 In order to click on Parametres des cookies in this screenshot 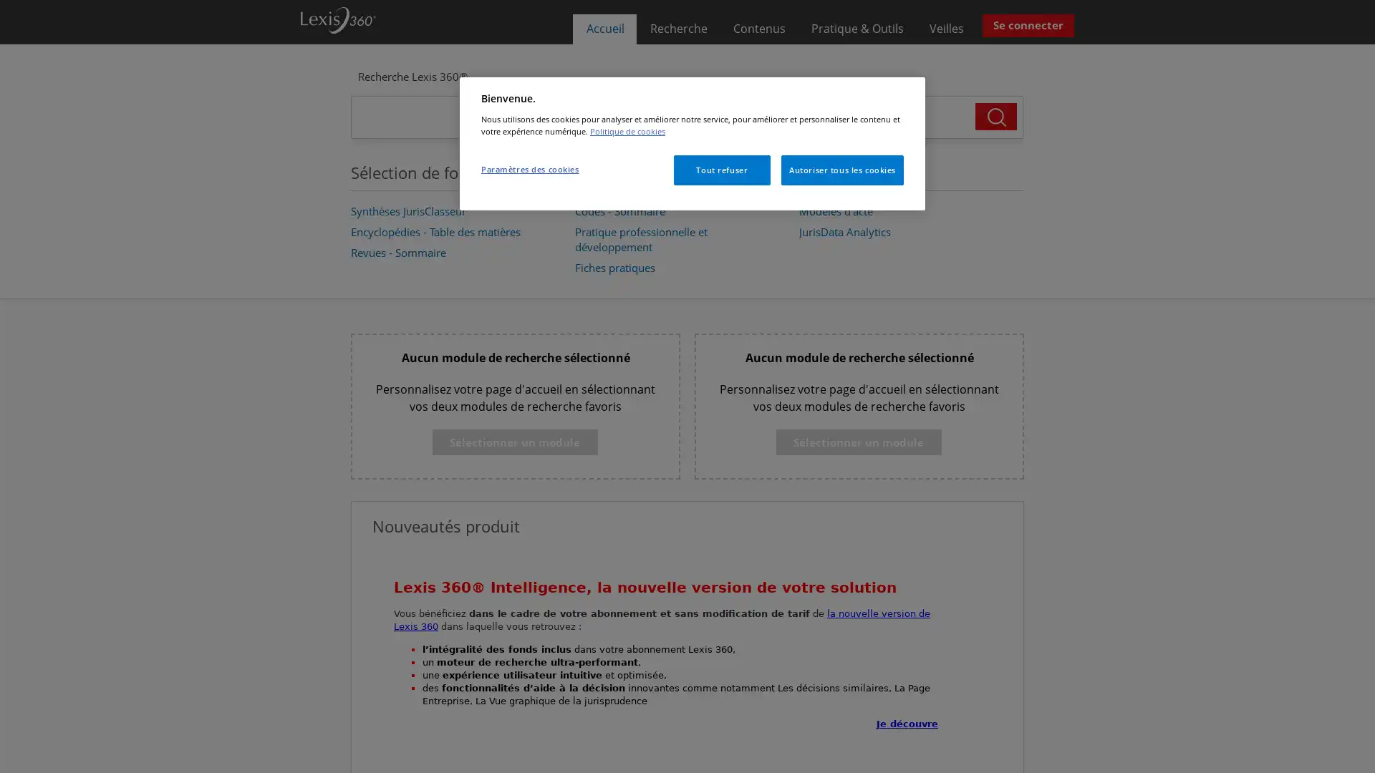, I will do `click(529, 167)`.